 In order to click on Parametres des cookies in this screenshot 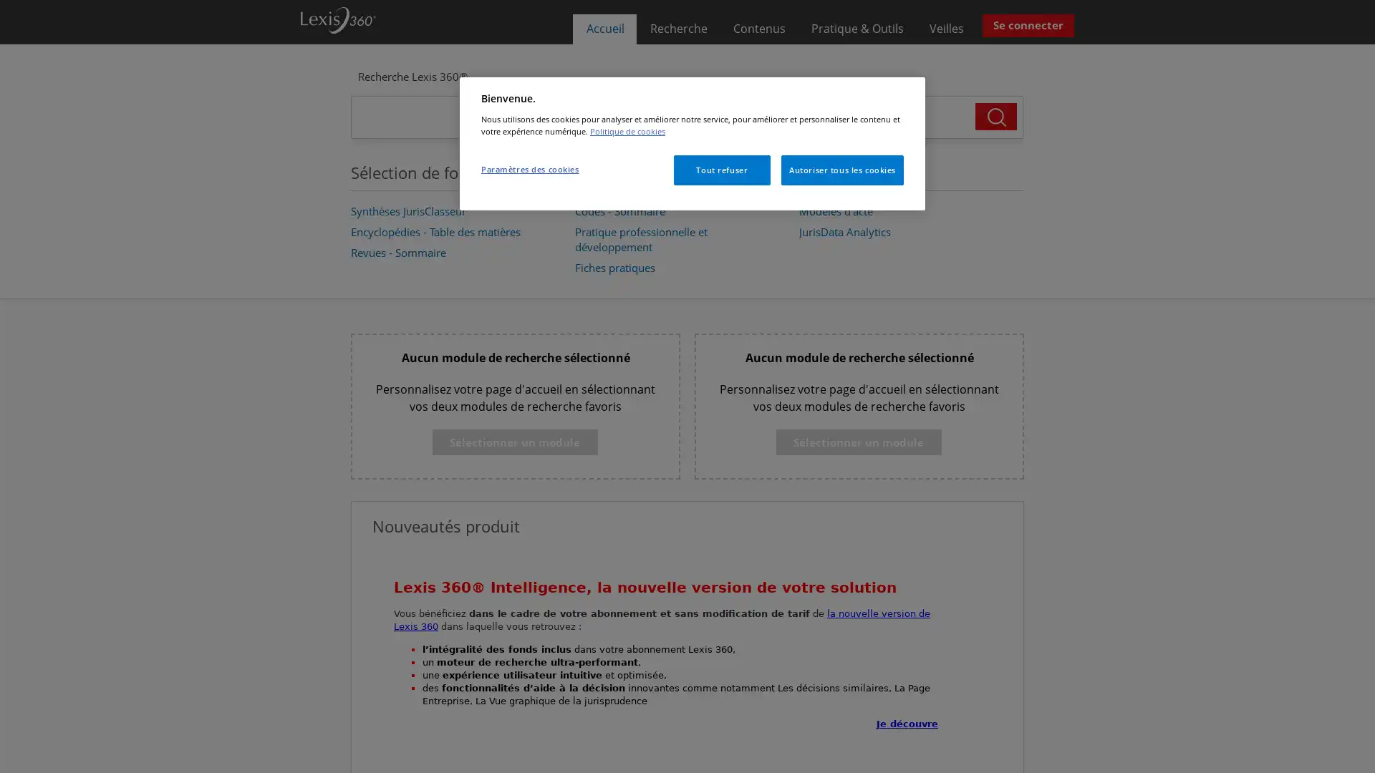, I will do `click(529, 167)`.